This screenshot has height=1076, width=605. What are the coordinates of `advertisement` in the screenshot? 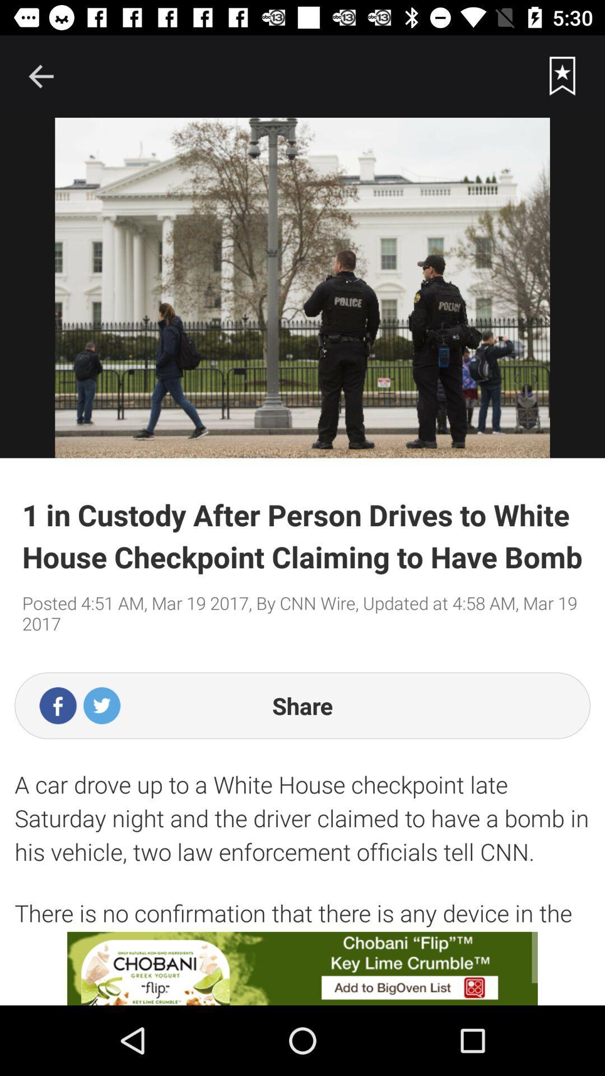 It's located at (302, 968).